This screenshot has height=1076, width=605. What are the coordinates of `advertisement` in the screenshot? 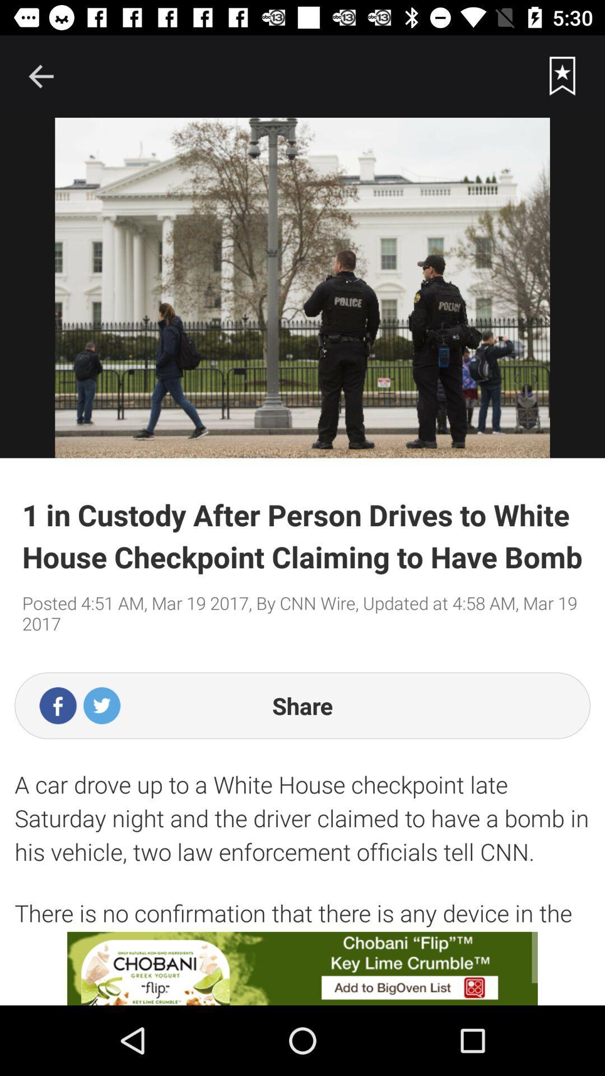 It's located at (302, 968).